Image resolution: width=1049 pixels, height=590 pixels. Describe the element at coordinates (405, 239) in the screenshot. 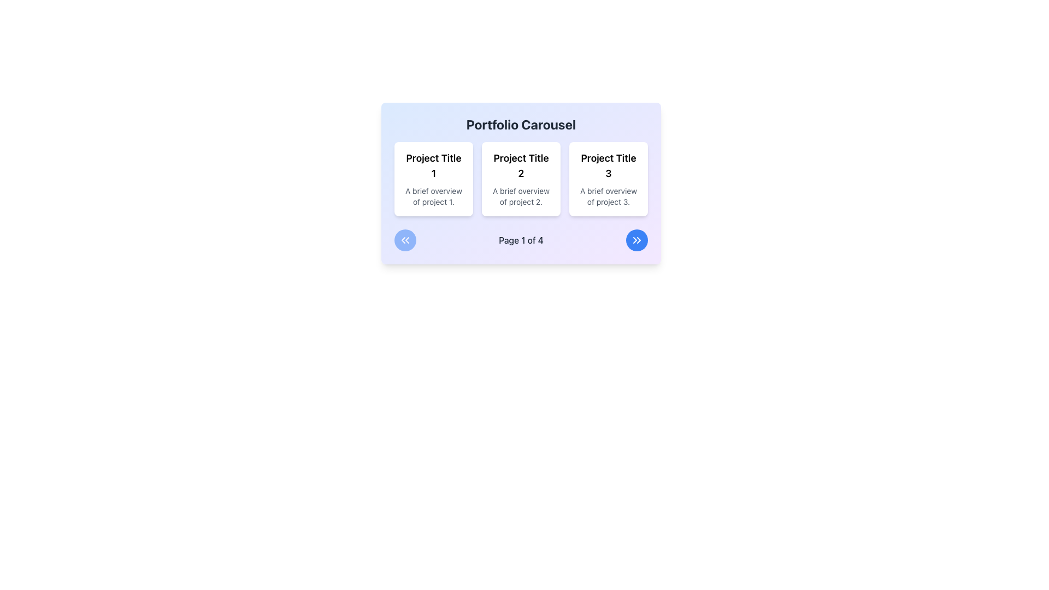

I see `the circular button containing the double-chevron SVG icons that signifies a navigation component for visual feedback` at that location.